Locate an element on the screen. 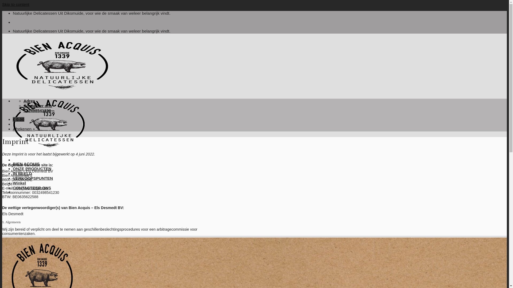  'ONZE PRODUCTEN' is located at coordinates (32, 169).